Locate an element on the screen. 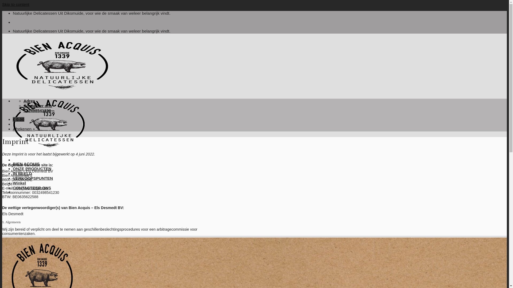  'ONZE PRODUCTEN' is located at coordinates (32, 169).